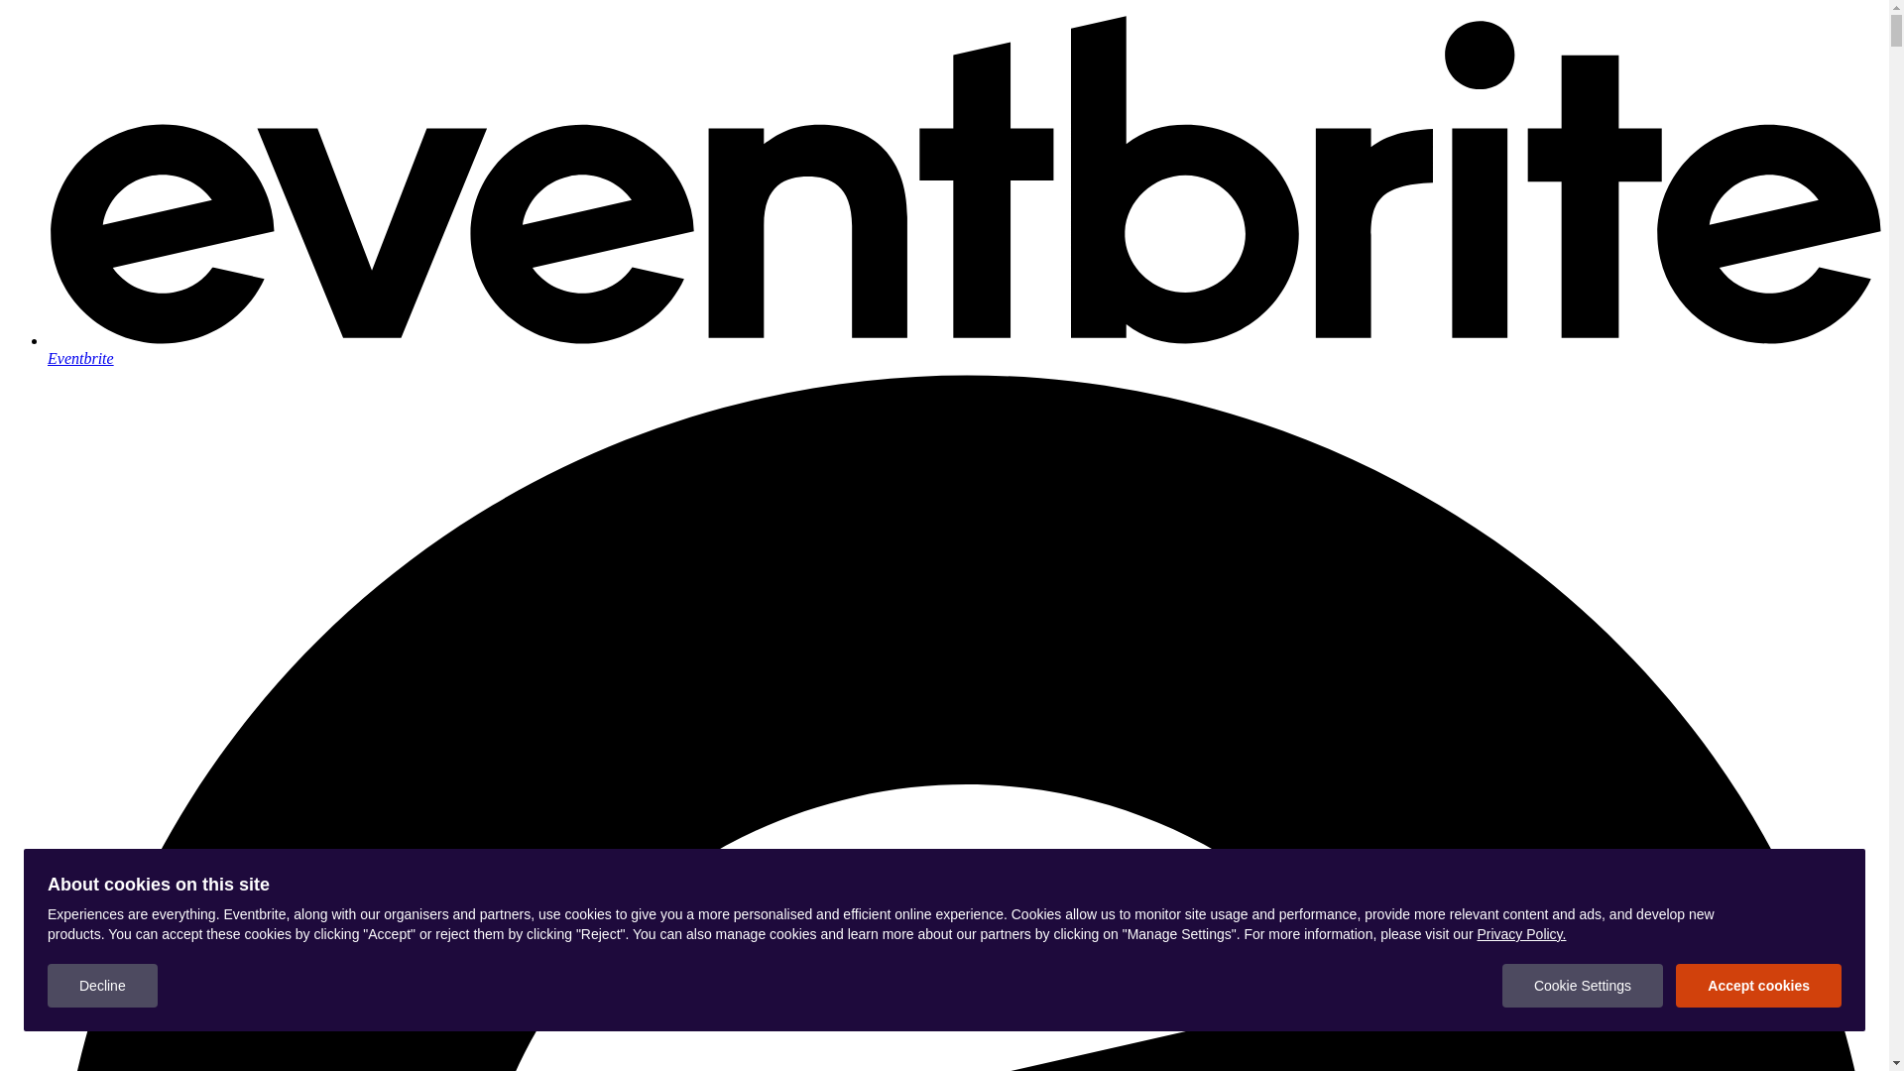 This screenshot has height=1071, width=1904. I want to click on 'Accept cookies', so click(1758, 986).